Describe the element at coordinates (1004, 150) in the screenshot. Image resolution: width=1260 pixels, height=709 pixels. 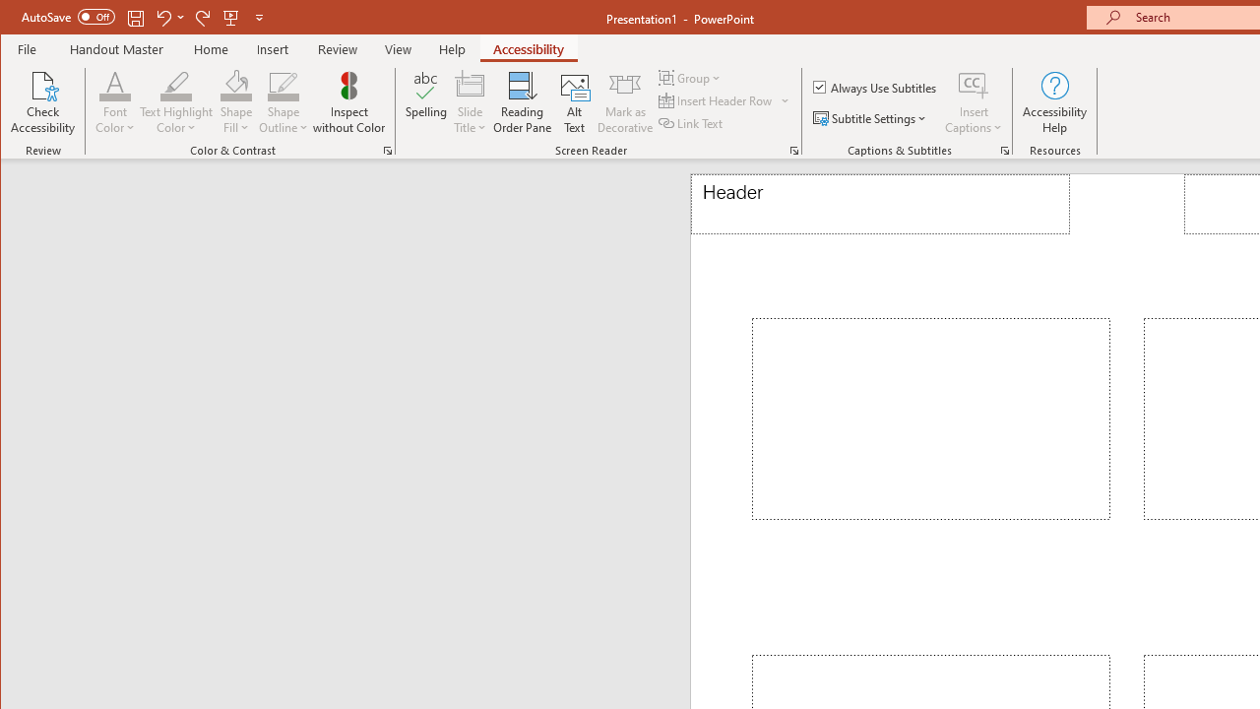
I see `'Captions & Subtitles'` at that location.